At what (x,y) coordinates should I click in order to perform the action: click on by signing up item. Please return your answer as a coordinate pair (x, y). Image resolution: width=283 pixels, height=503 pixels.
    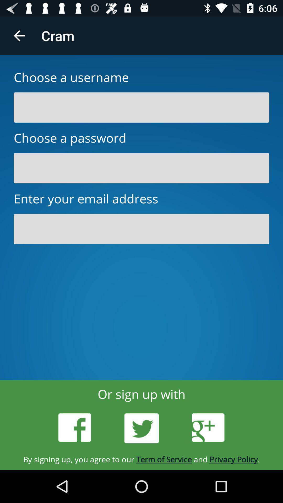
    Looking at the image, I should click on (141, 459).